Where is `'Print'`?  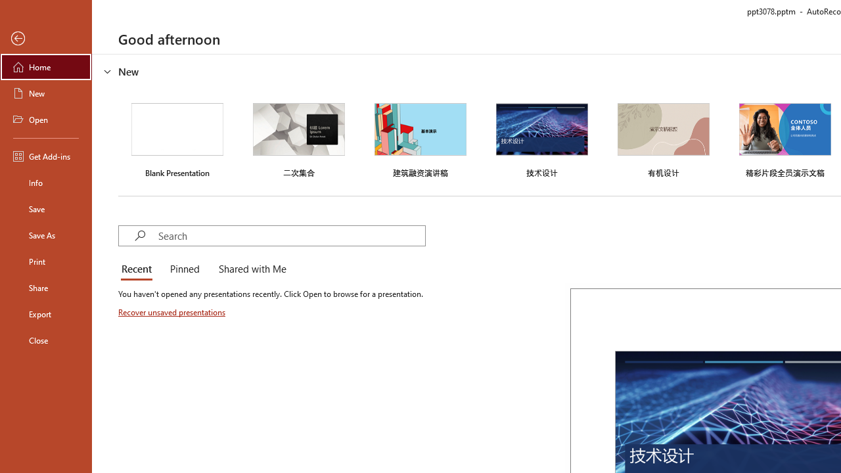
'Print' is located at coordinates (45, 261).